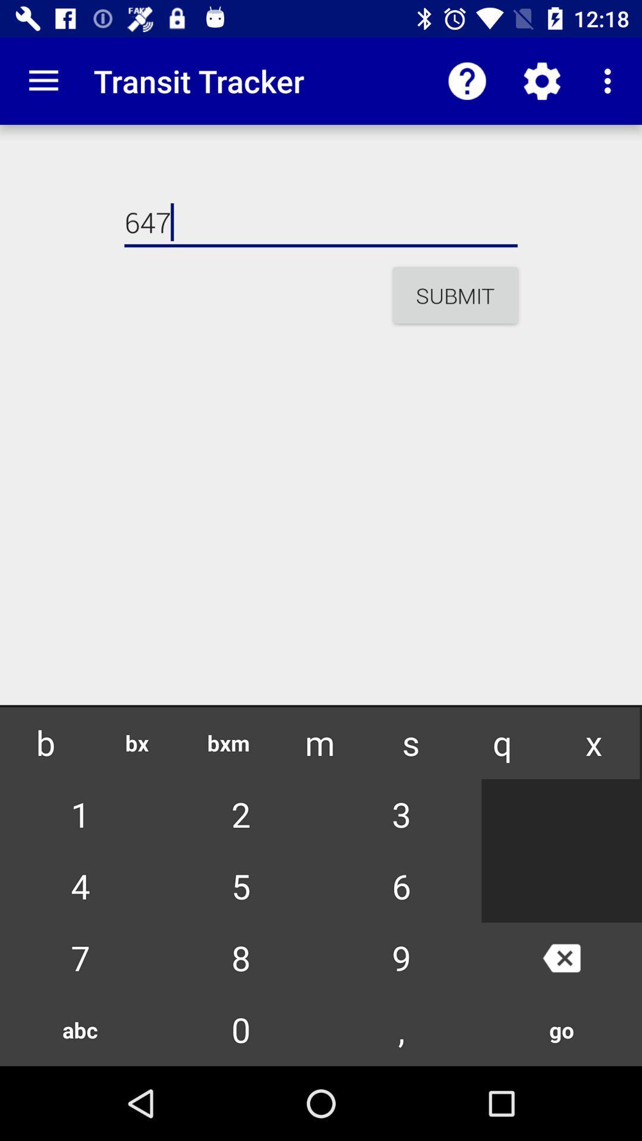  What do you see at coordinates (321, 1015) in the screenshot?
I see `type numbers` at bounding box center [321, 1015].